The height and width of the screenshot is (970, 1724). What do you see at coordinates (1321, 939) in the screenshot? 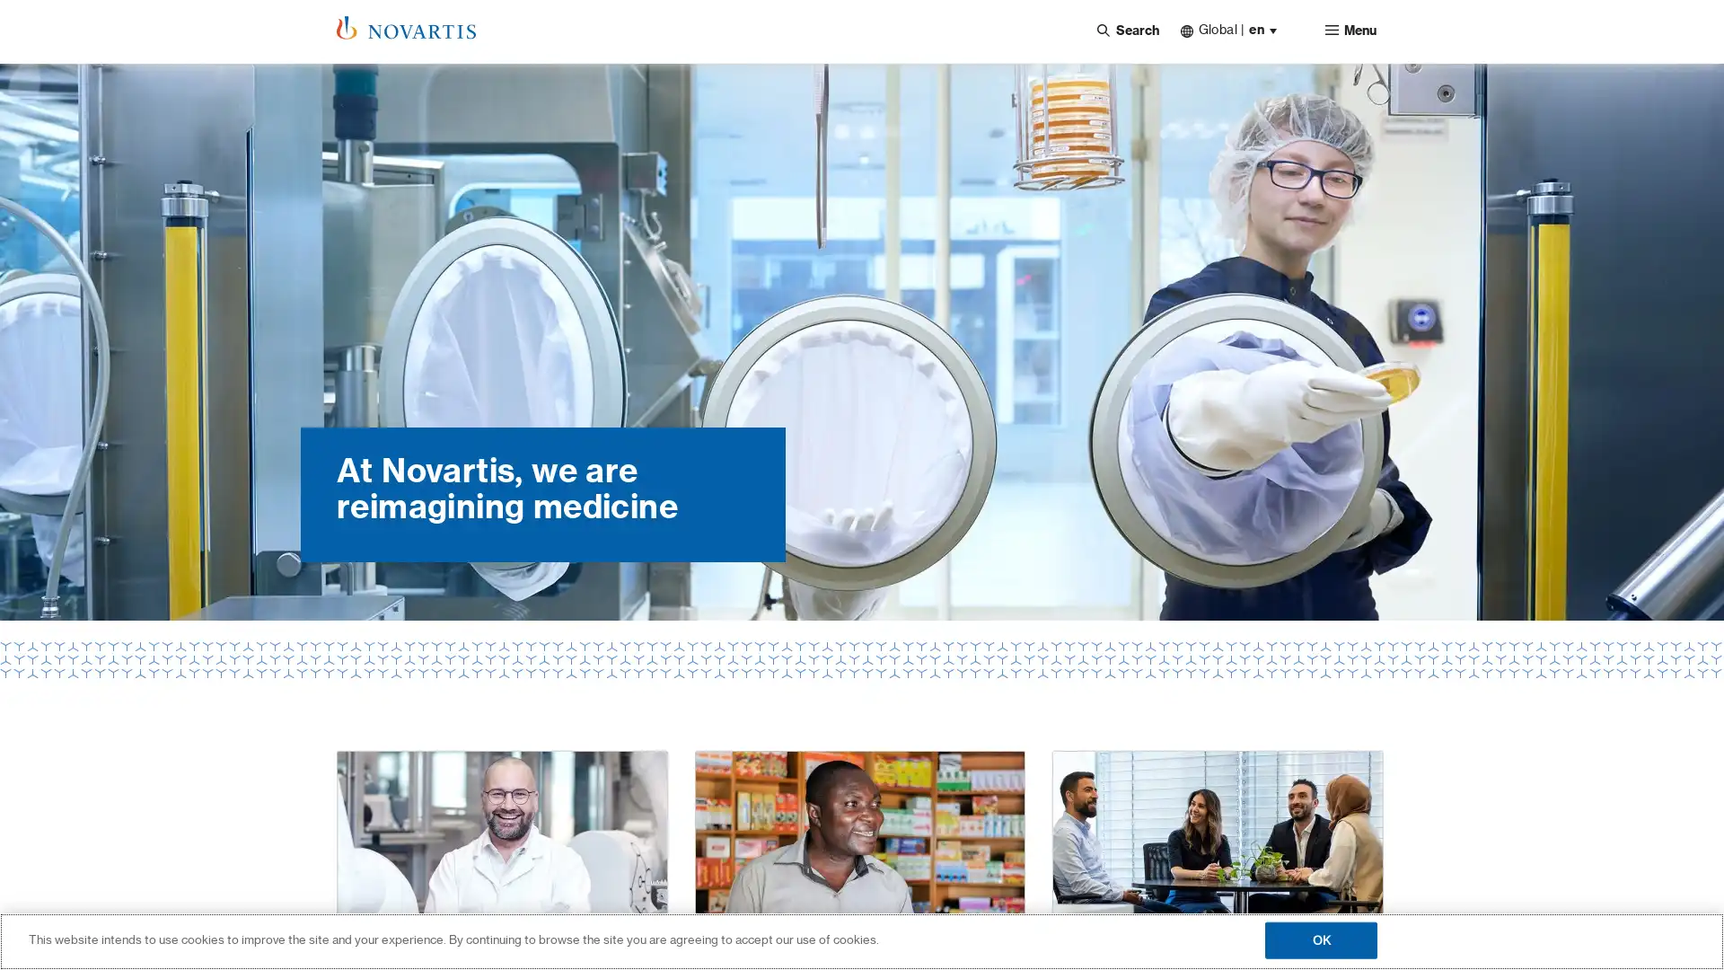
I see `OK` at bounding box center [1321, 939].